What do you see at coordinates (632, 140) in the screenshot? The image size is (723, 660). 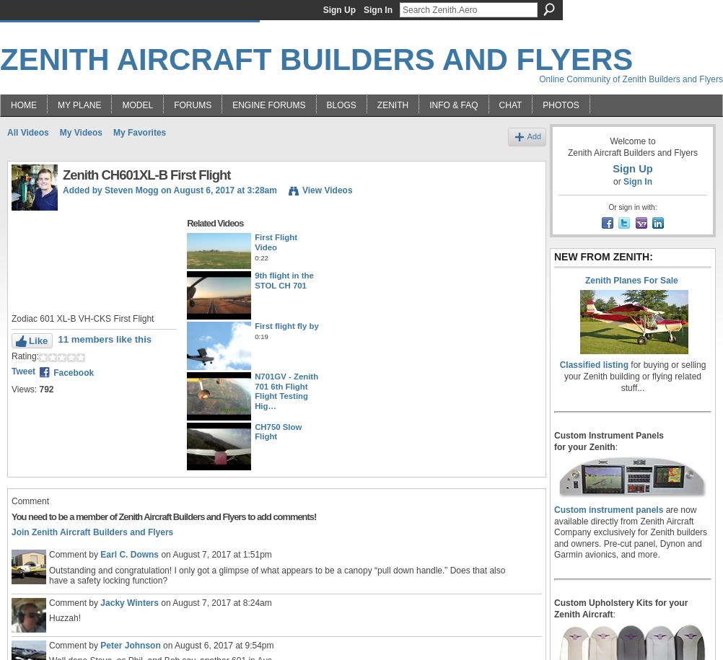 I see `'Welcome to'` at bounding box center [632, 140].